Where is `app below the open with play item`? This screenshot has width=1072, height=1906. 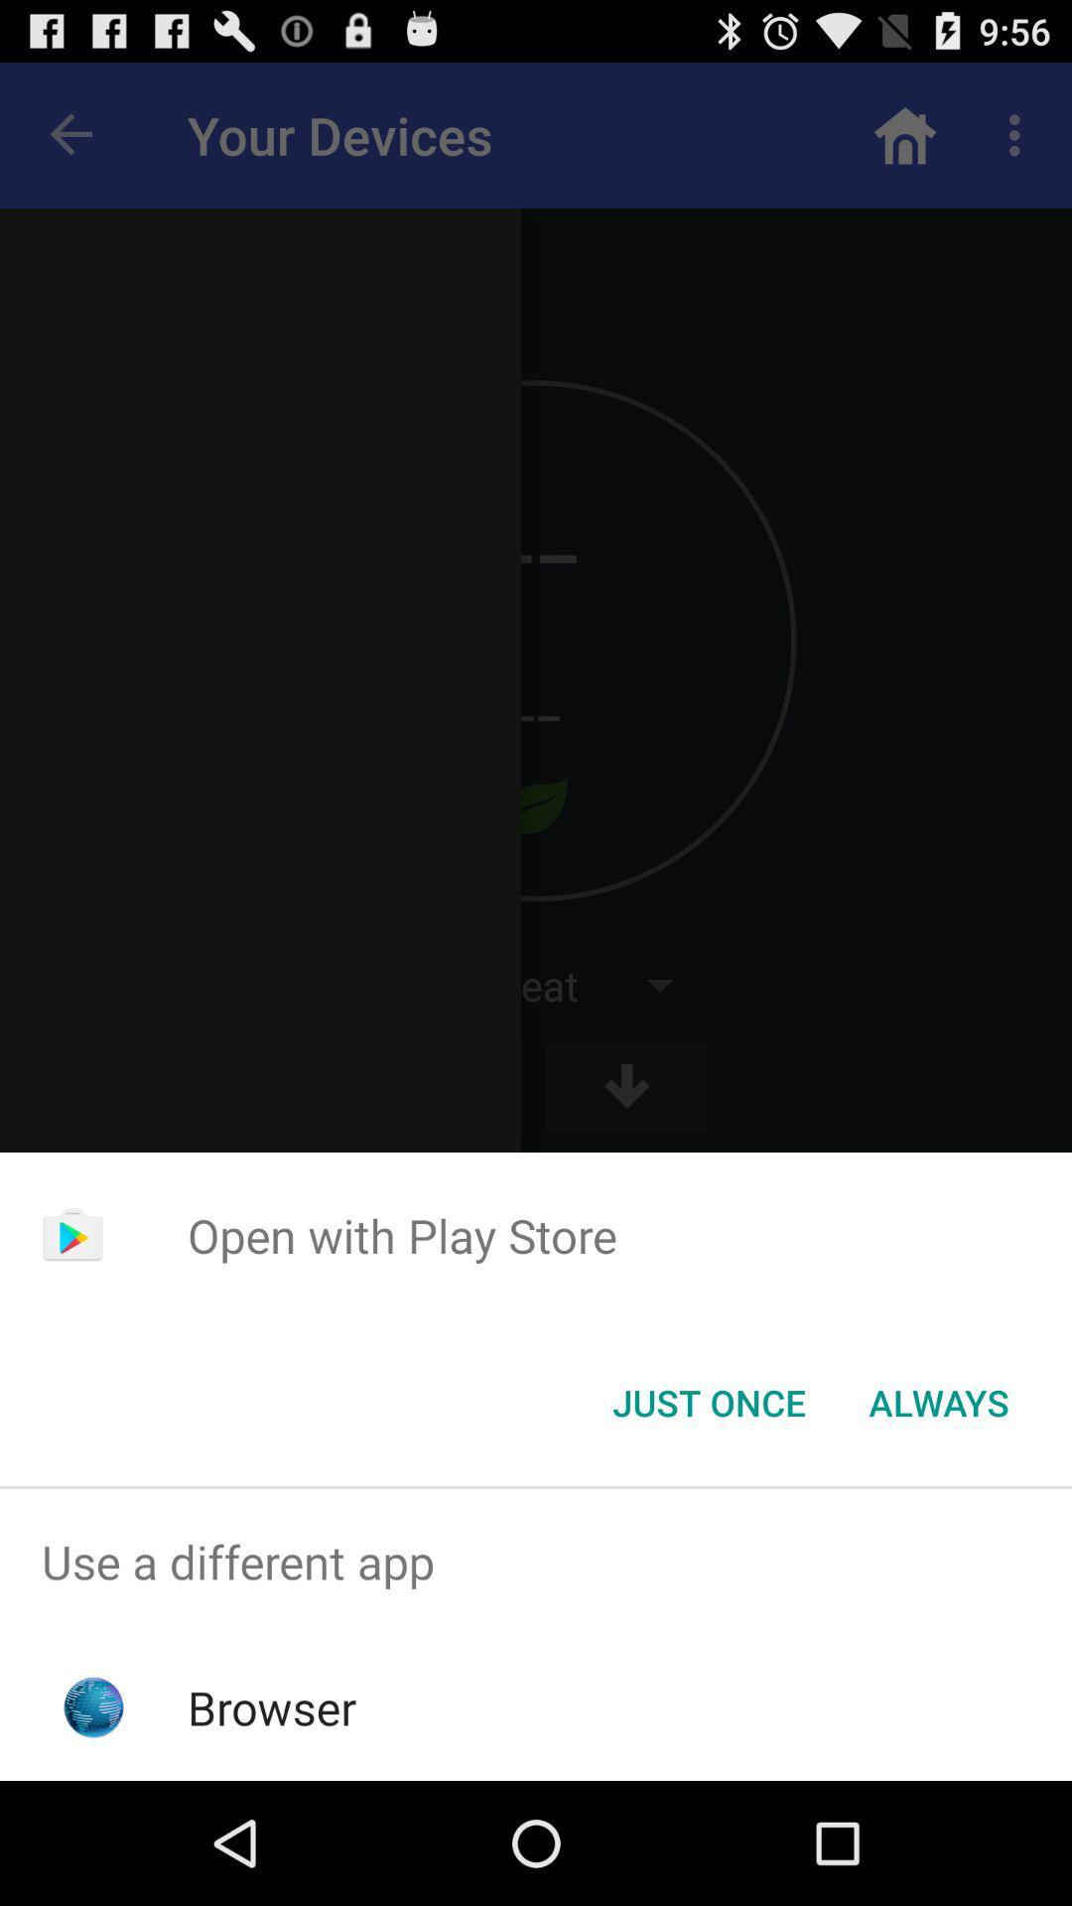
app below the open with play item is located at coordinates (938, 1401).